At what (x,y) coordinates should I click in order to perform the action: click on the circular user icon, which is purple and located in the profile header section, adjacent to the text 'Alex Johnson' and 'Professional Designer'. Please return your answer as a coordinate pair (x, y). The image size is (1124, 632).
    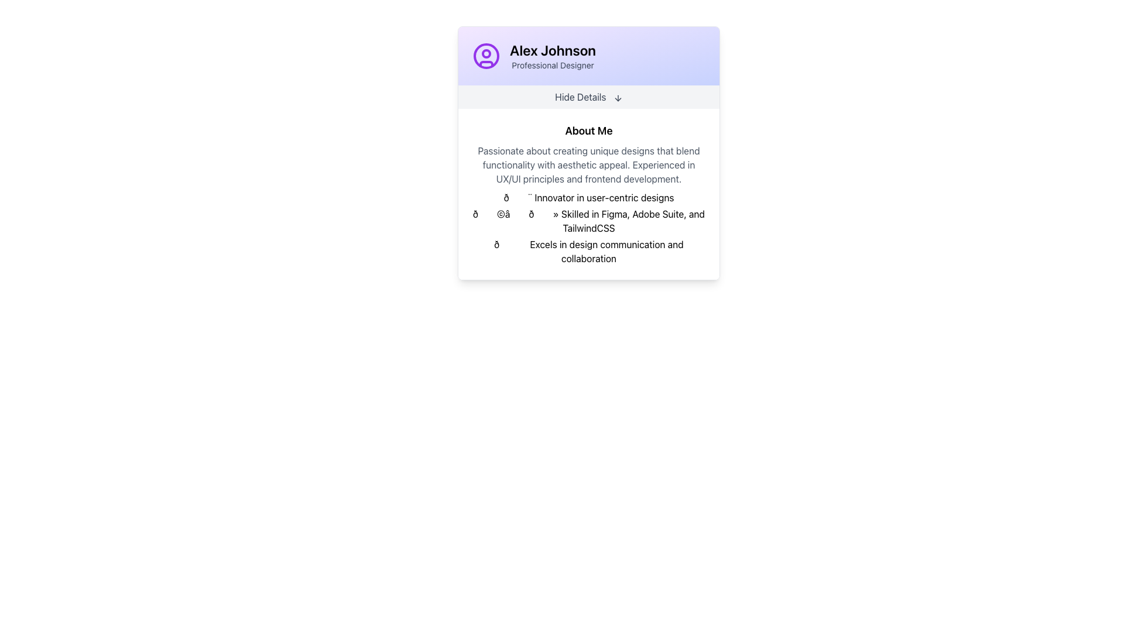
    Looking at the image, I should click on (486, 56).